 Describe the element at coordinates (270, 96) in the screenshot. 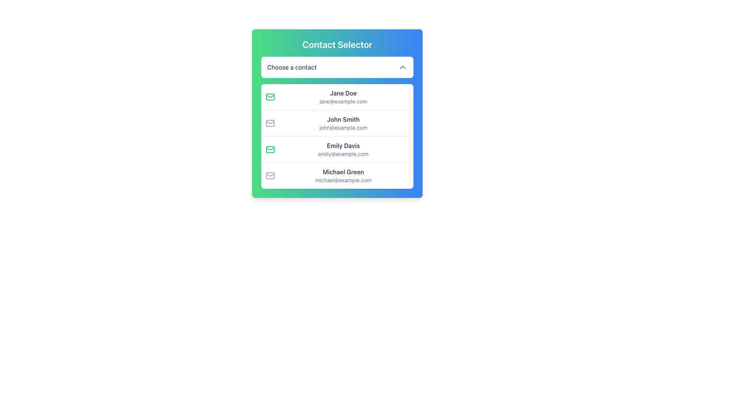

I see `the green mail icon resembling an envelope located to the left of the name 'Jane Doe' in the contact list` at that location.